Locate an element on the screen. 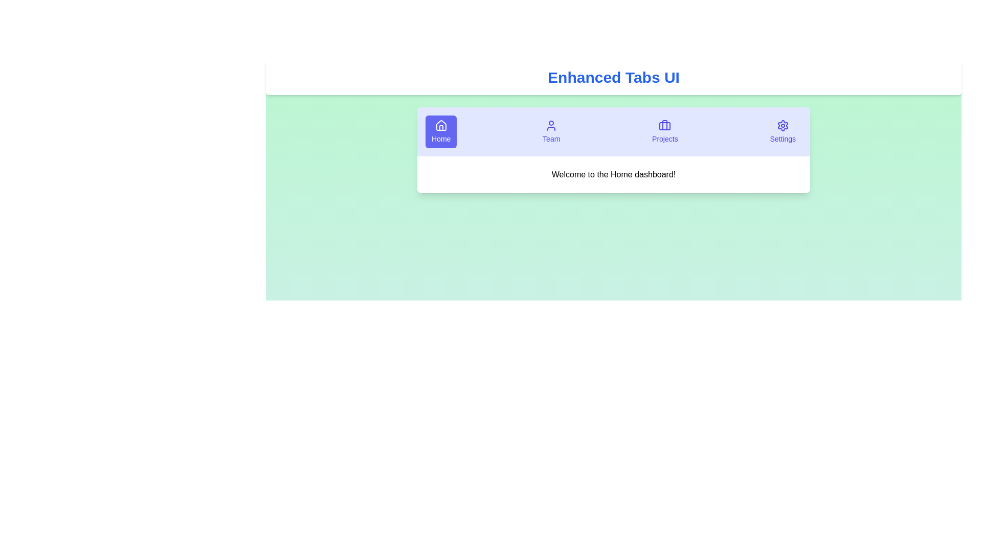 The height and width of the screenshot is (552, 982). the 'Projects' tab SVG Icon, which is the third tab from the left is located at coordinates (665, 125).